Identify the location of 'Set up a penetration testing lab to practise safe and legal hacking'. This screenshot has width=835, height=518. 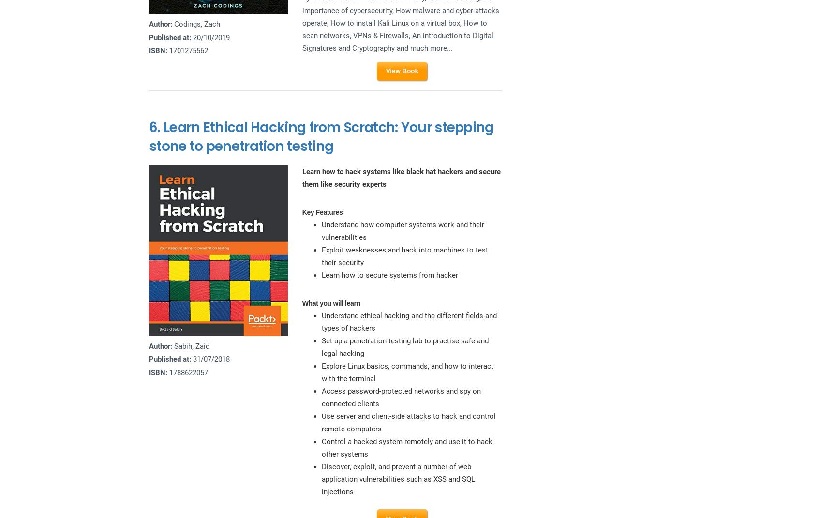
(404, 347).